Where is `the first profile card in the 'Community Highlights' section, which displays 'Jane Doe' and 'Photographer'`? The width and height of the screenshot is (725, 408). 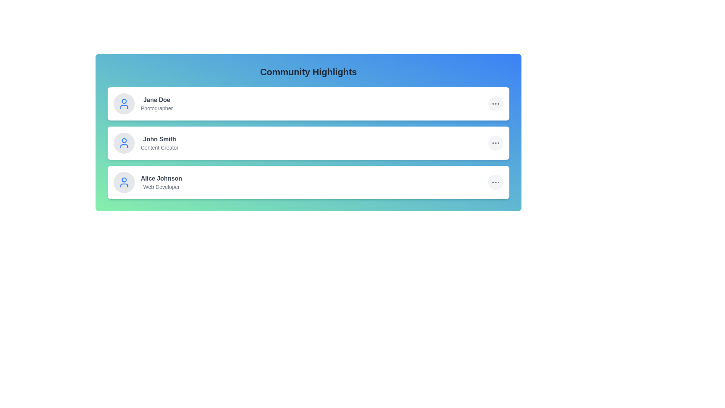 the first profile card in the 'Community Highlights' section, which displays 'Jane Doe' and 'Photographer' is located at coordinates (143, 104).